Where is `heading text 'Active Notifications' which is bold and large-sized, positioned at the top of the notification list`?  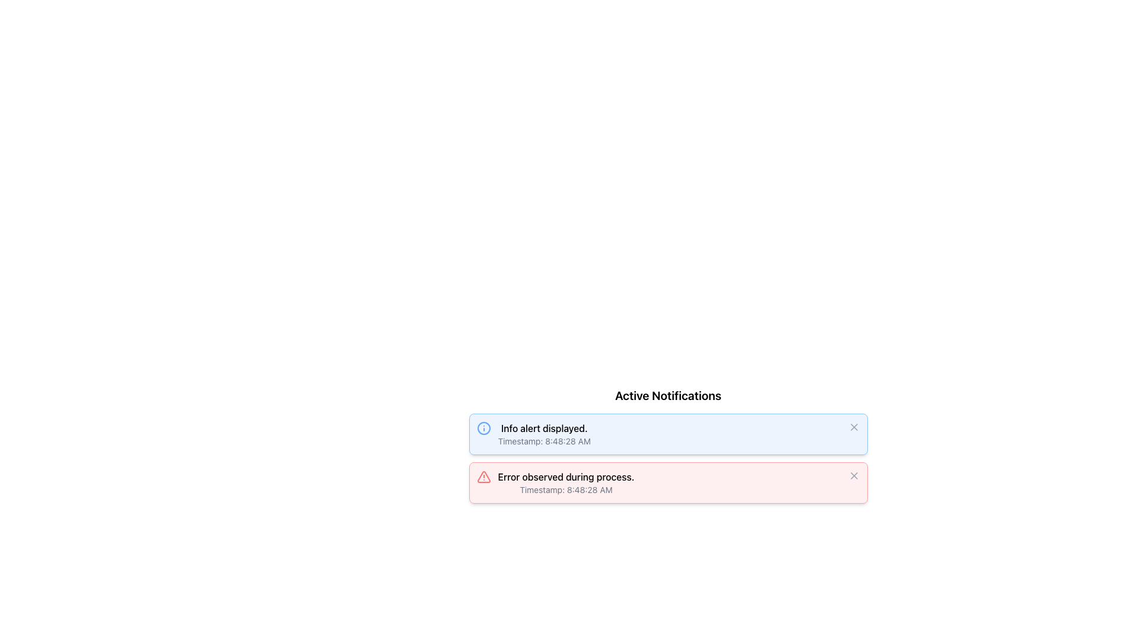 heading text 'Active Notifications' which is bold and large-sized, positioned at the top of the notification list is located at coordinates (668, 395).